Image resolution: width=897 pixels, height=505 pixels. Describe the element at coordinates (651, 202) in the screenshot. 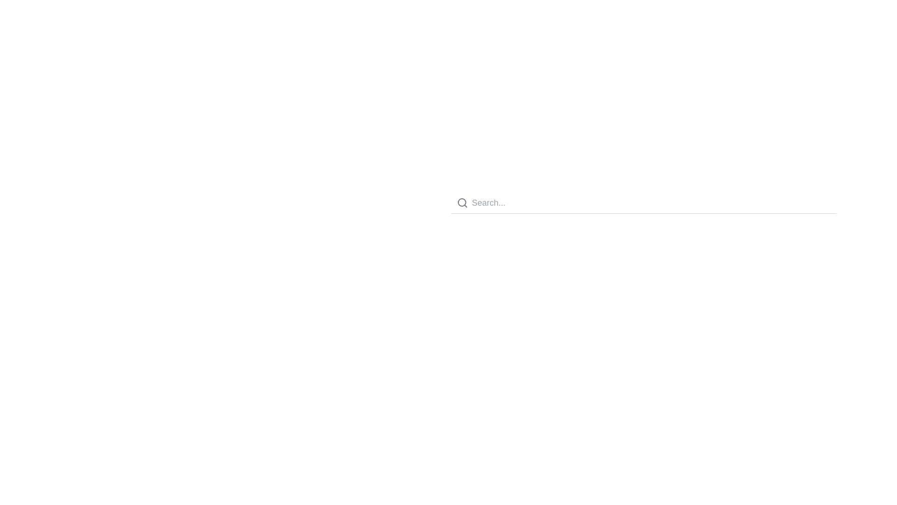

I see `the search input field, which allows the user to enter search queries` at that location.